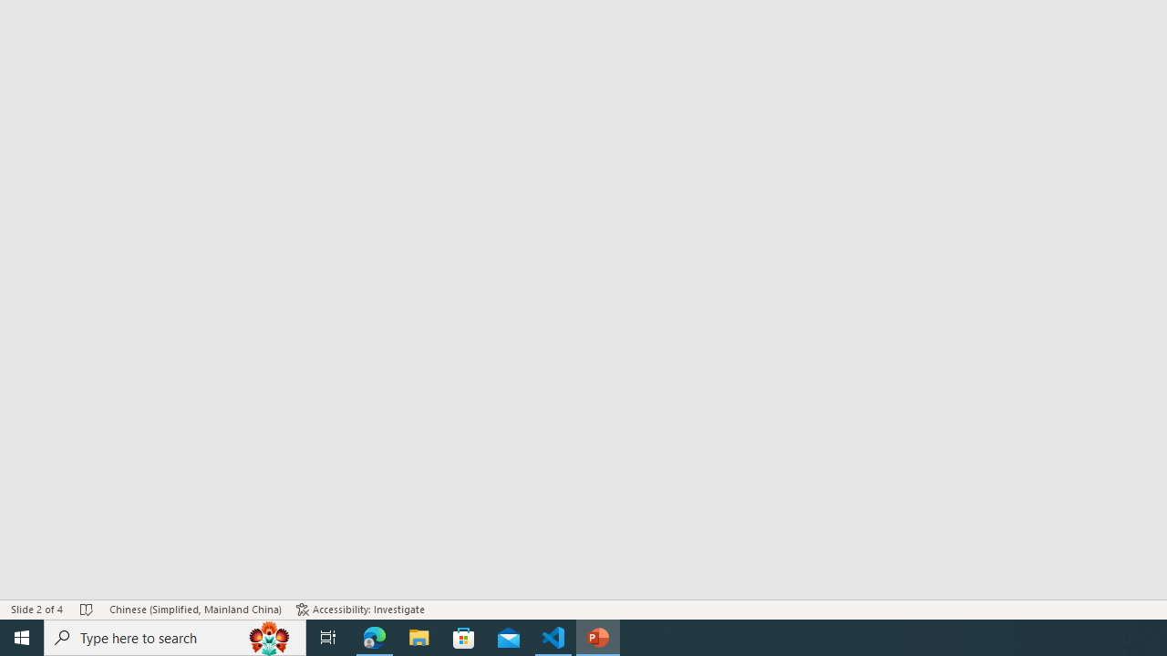 The width and height of the screenshot is (1167, 656). Describe the element at coordinates (360, 610) in the screenshot. I see `'Accessibility Checker Accessibility: Investigate'` at that location.